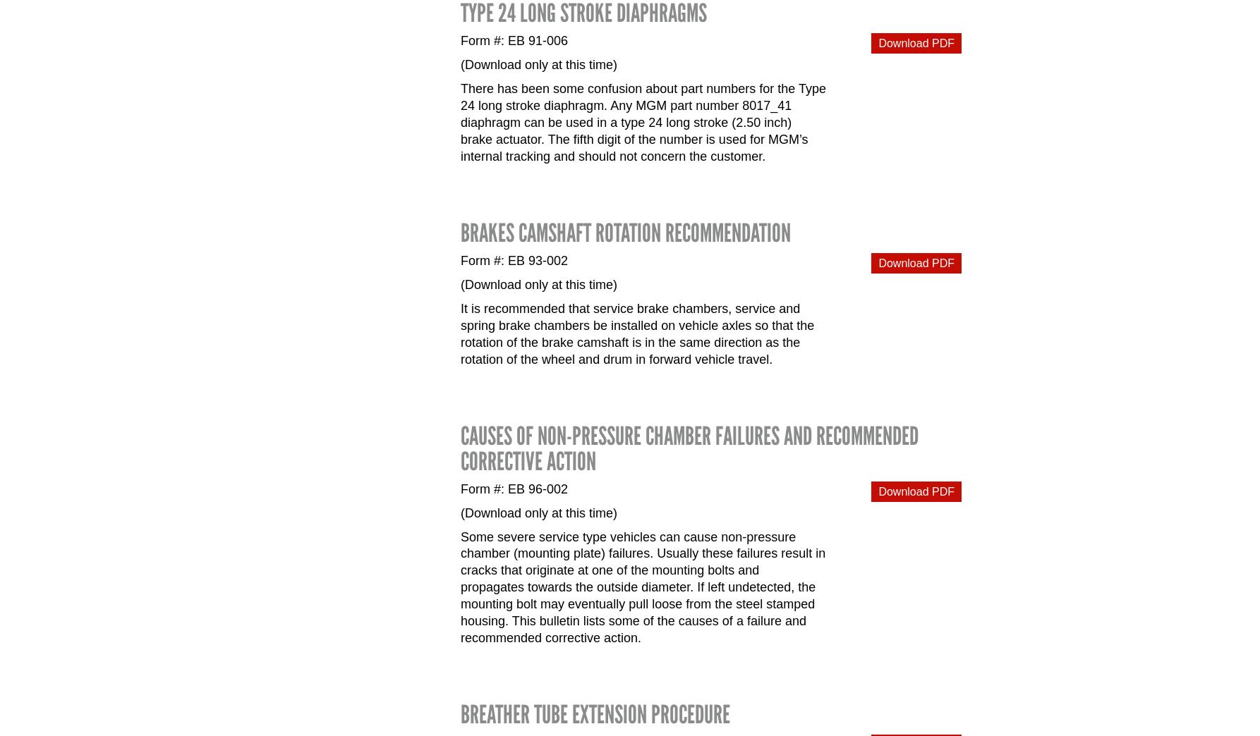 This screenshot has height=736, width=1260. I want to click on 'Download PDF', so click(916, 42).